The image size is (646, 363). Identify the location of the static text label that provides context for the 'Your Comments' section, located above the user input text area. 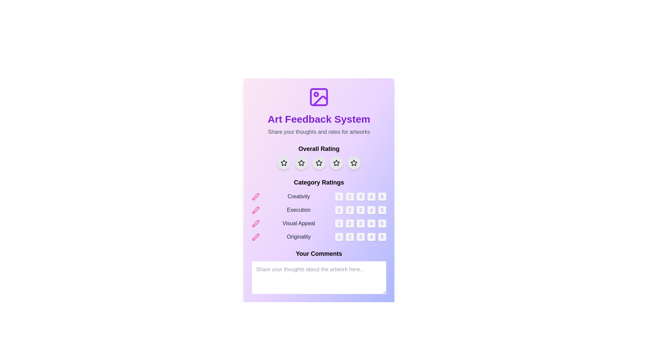
(319, 254).